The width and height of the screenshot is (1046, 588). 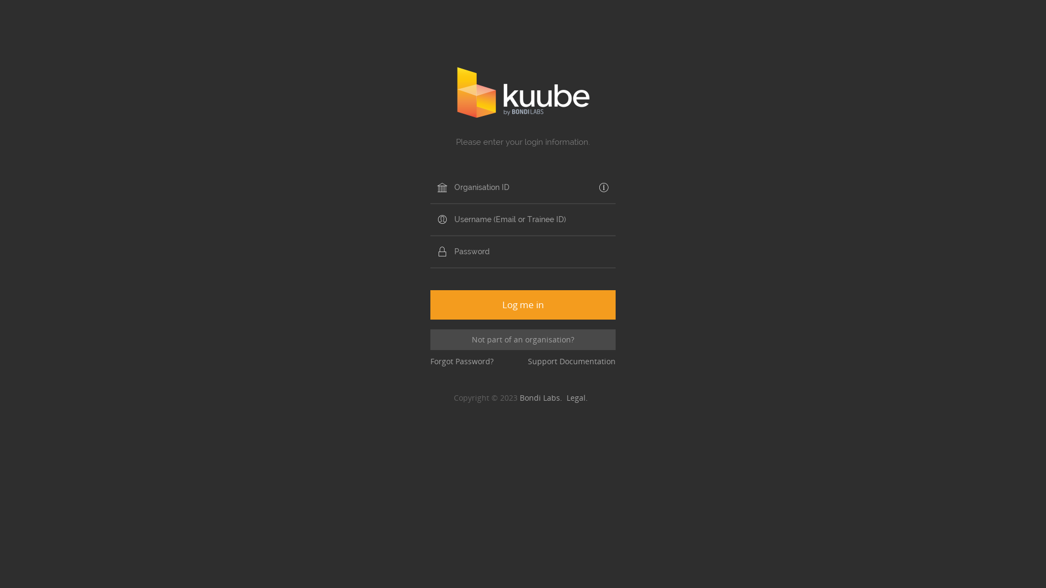 I want to click on 'Not part of an organisation?', so click(x=523, y=339).